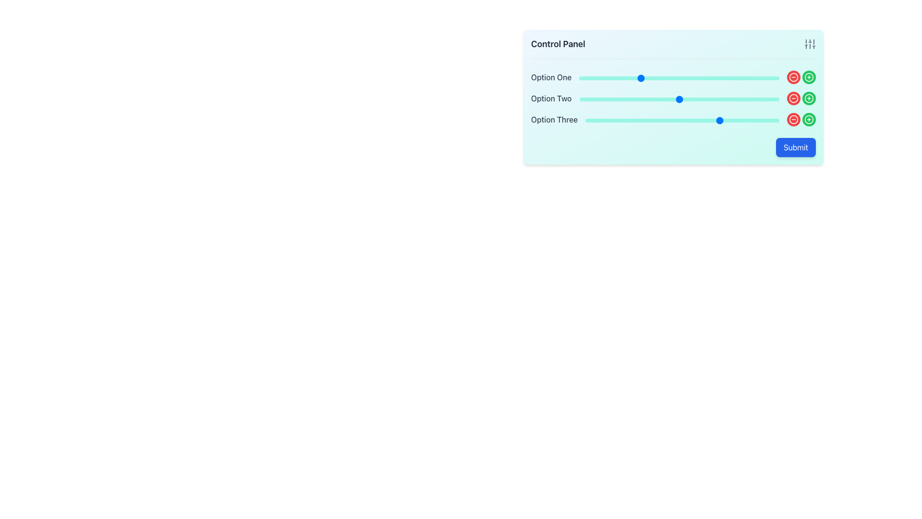  I want to click on the increment button located to the right of the red circular button in the third row's slider panel, so click(808, 98).